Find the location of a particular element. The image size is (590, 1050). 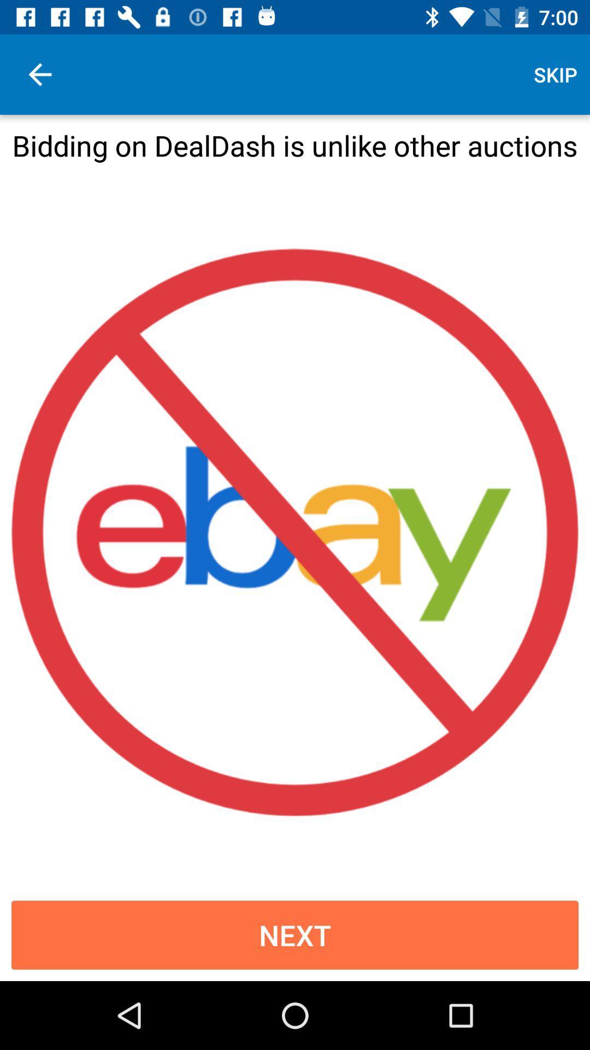

the next is located at coordinates (295, 934).